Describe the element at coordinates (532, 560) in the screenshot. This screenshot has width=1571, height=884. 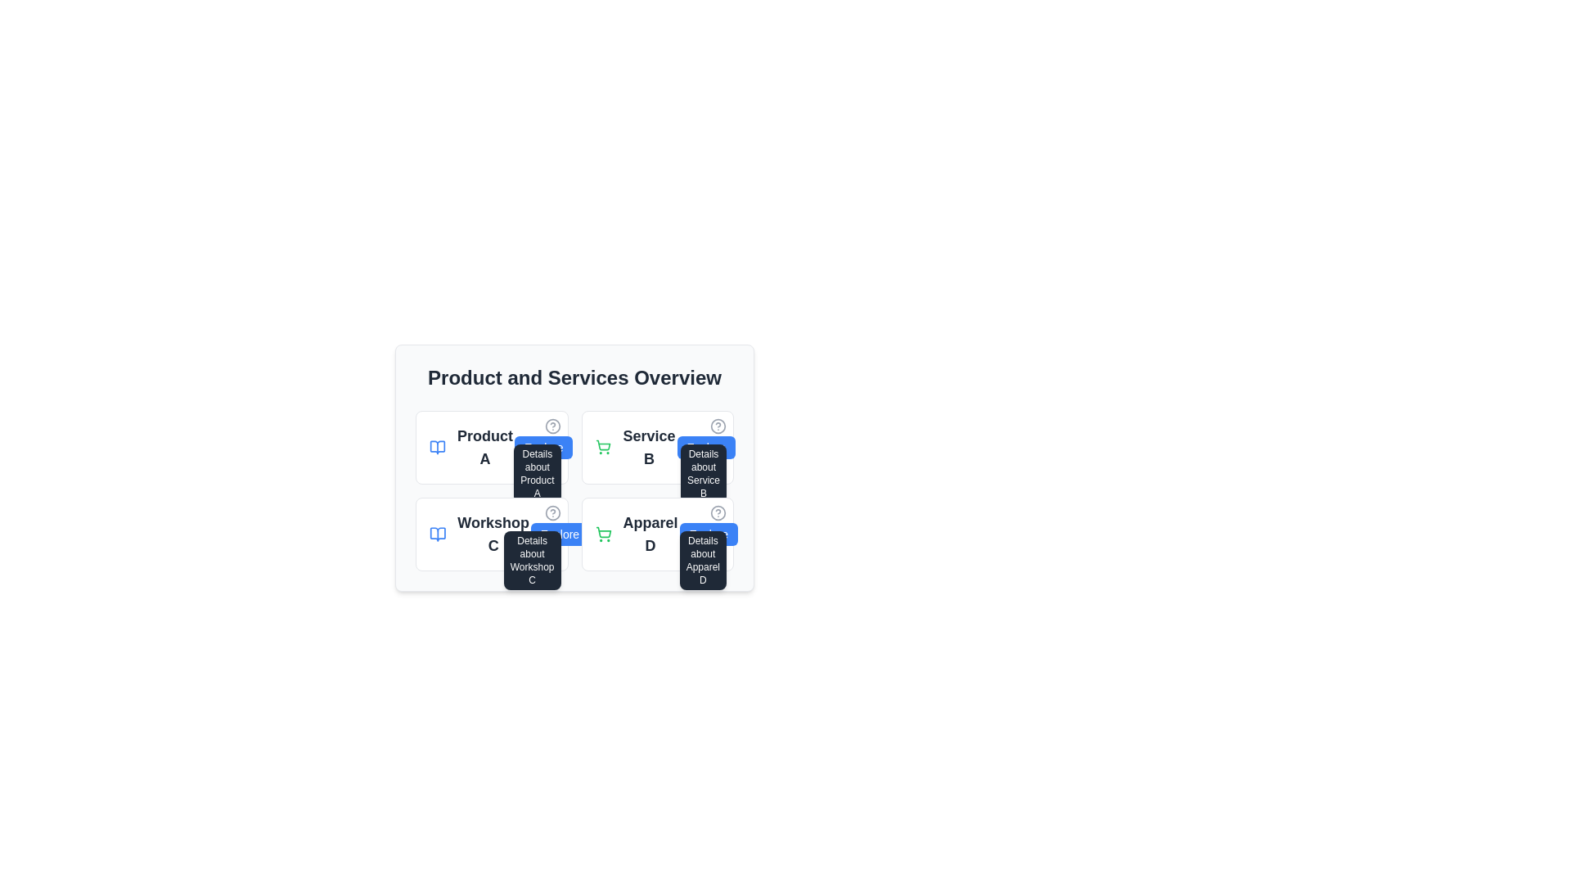
I see `the tooltip displaying 'Details about Workshop C', which has a dark background and white text, located below the question mark icon for 'Workshop C'` at that location.